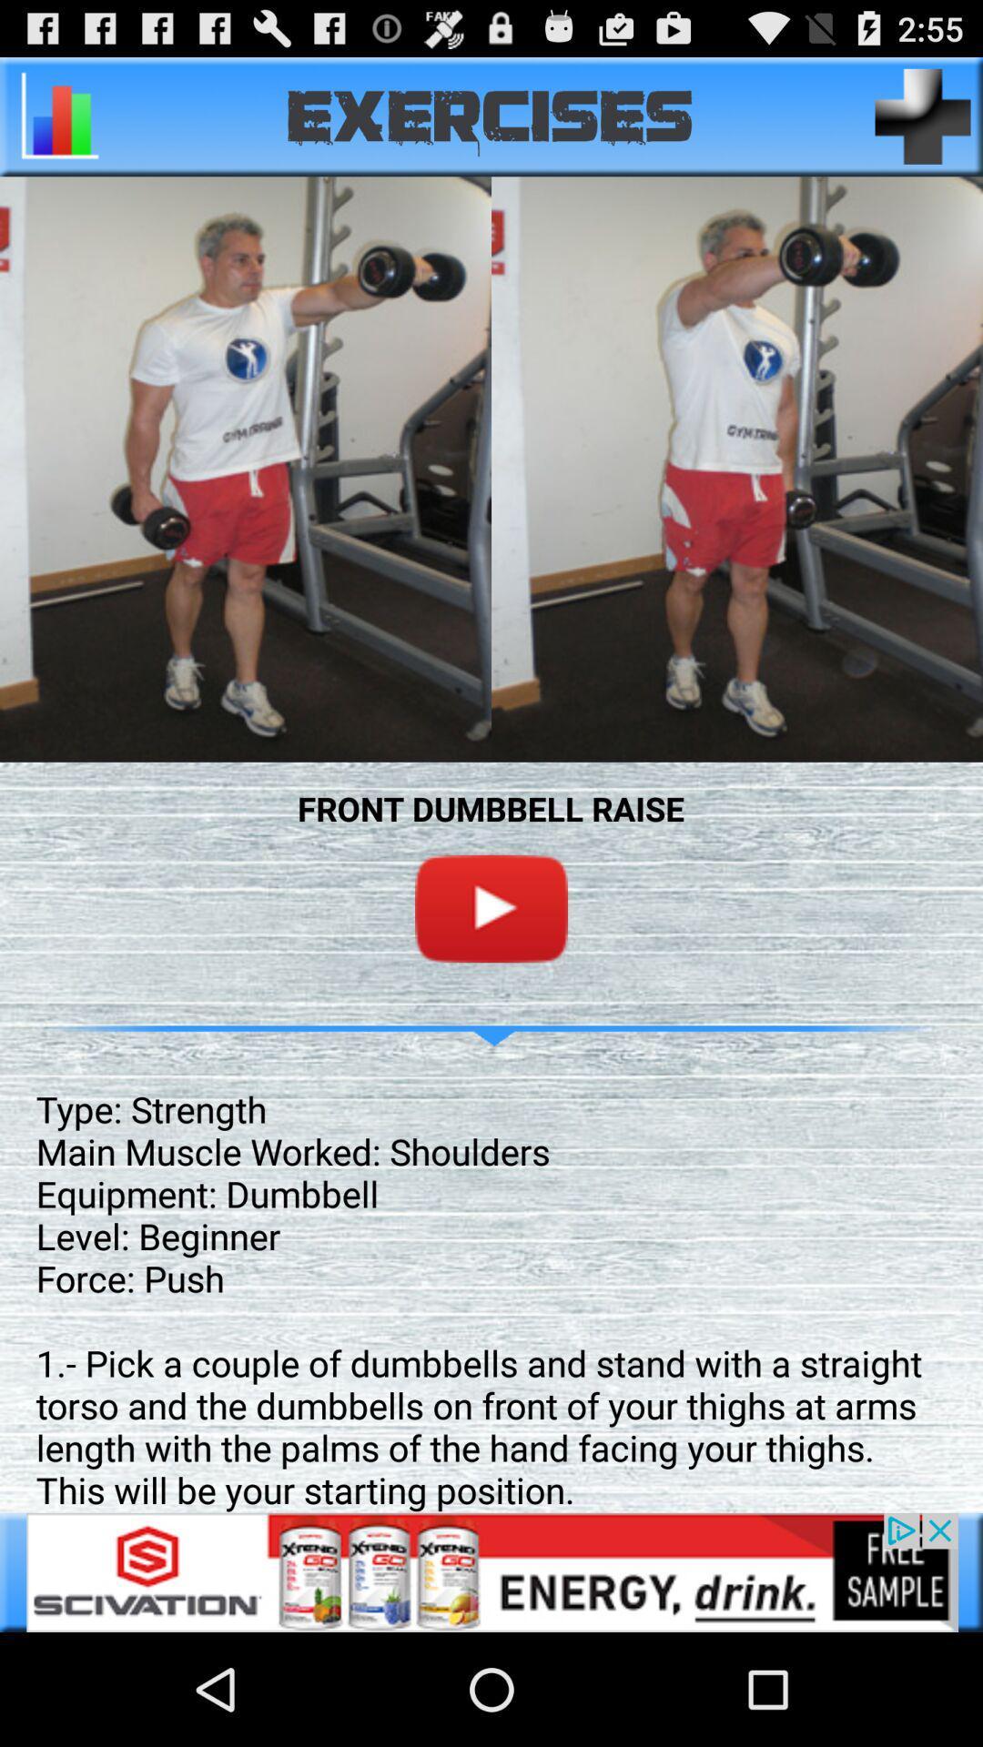 Image resolution: width=983 pixels, height=1747 pixels. Describe the element at coordinates (491, 1571) in the screenshot. I see `energy drink` at that location.